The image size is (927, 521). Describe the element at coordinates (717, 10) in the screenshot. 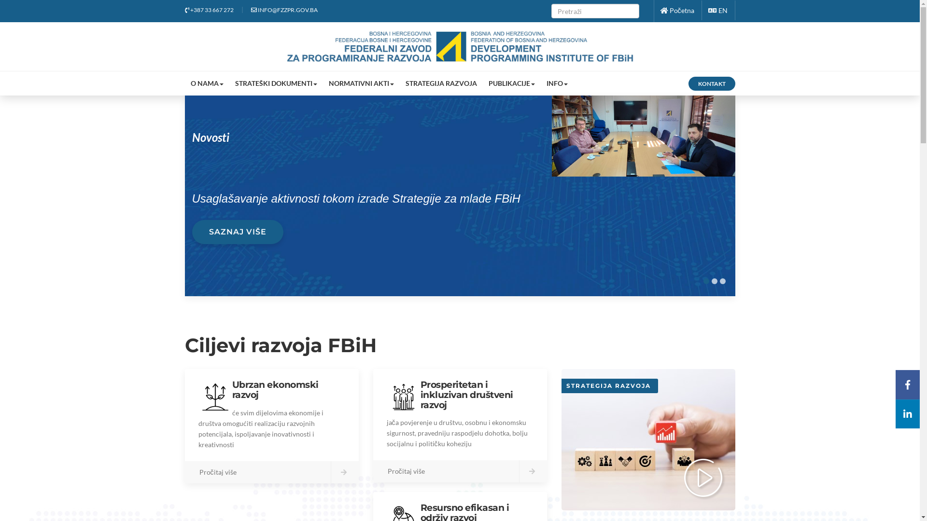

I see `'EN'` at that location.